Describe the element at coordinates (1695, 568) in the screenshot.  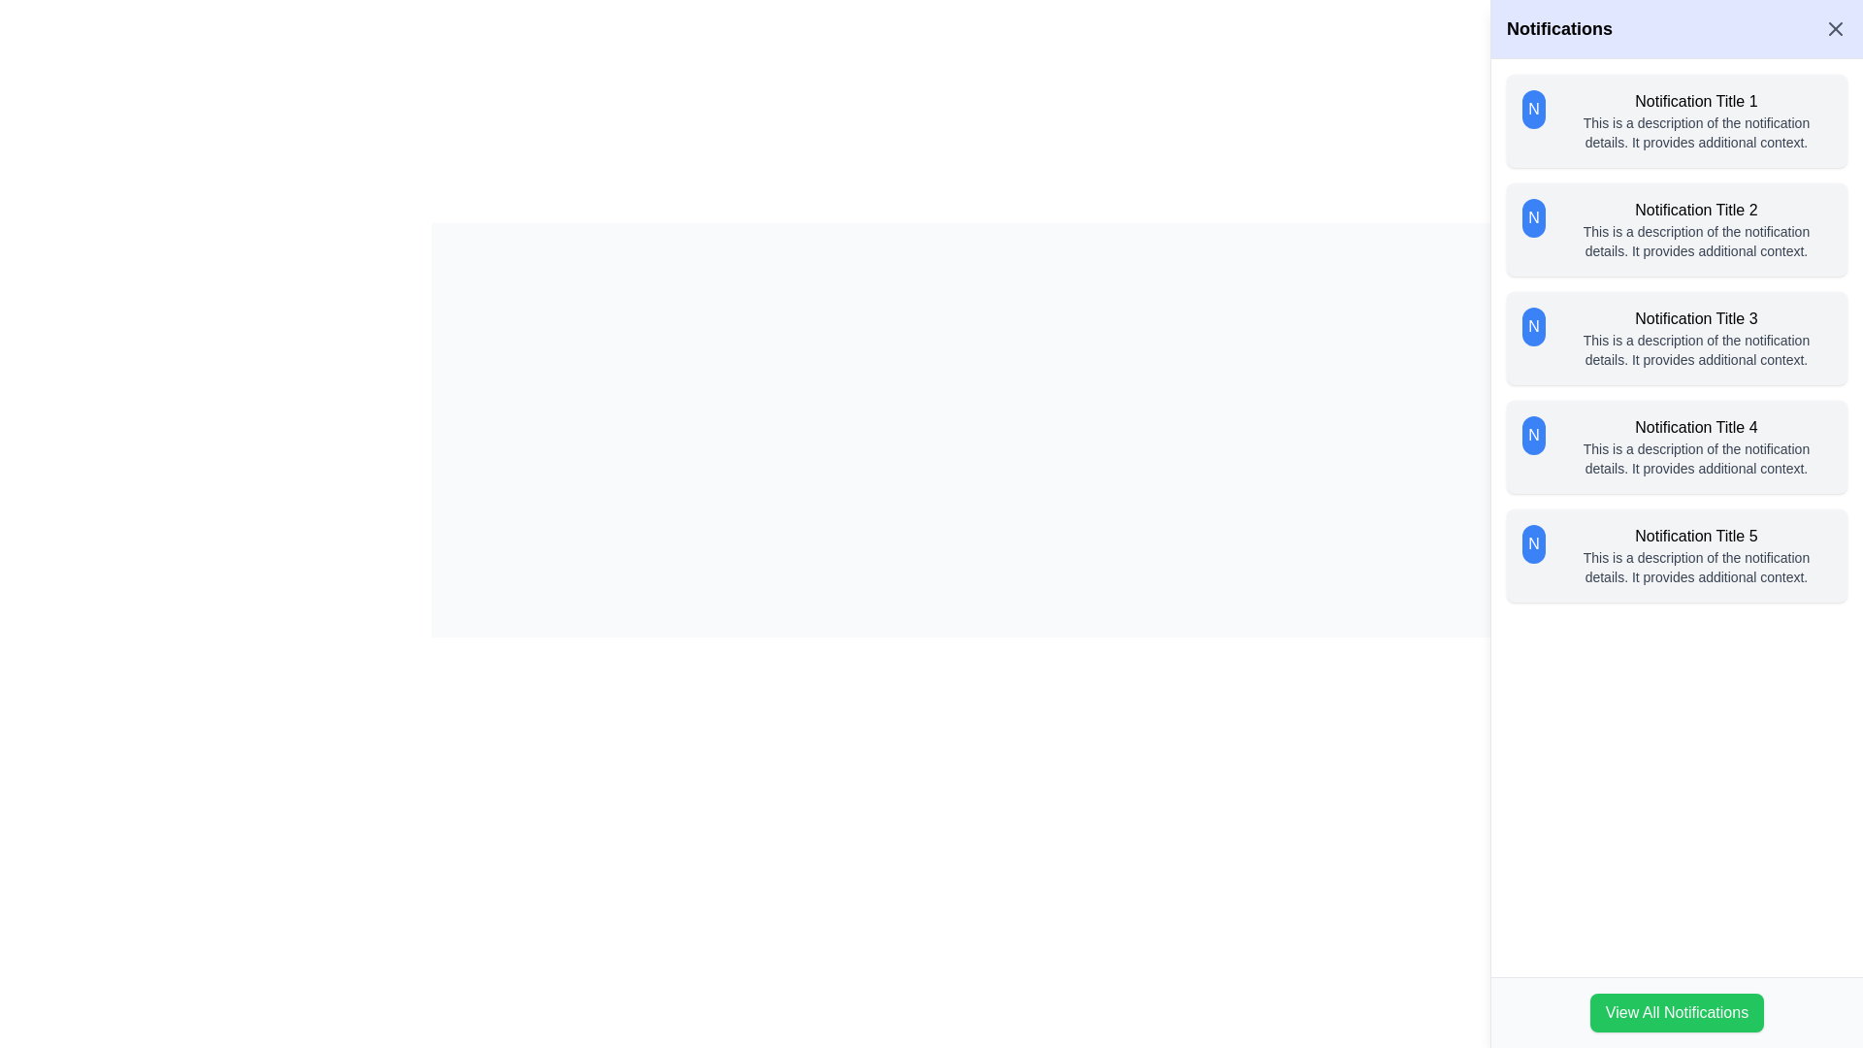
I see `the descriptive text display related to 'Notification Title 5' within the fifth notification card` at that location.